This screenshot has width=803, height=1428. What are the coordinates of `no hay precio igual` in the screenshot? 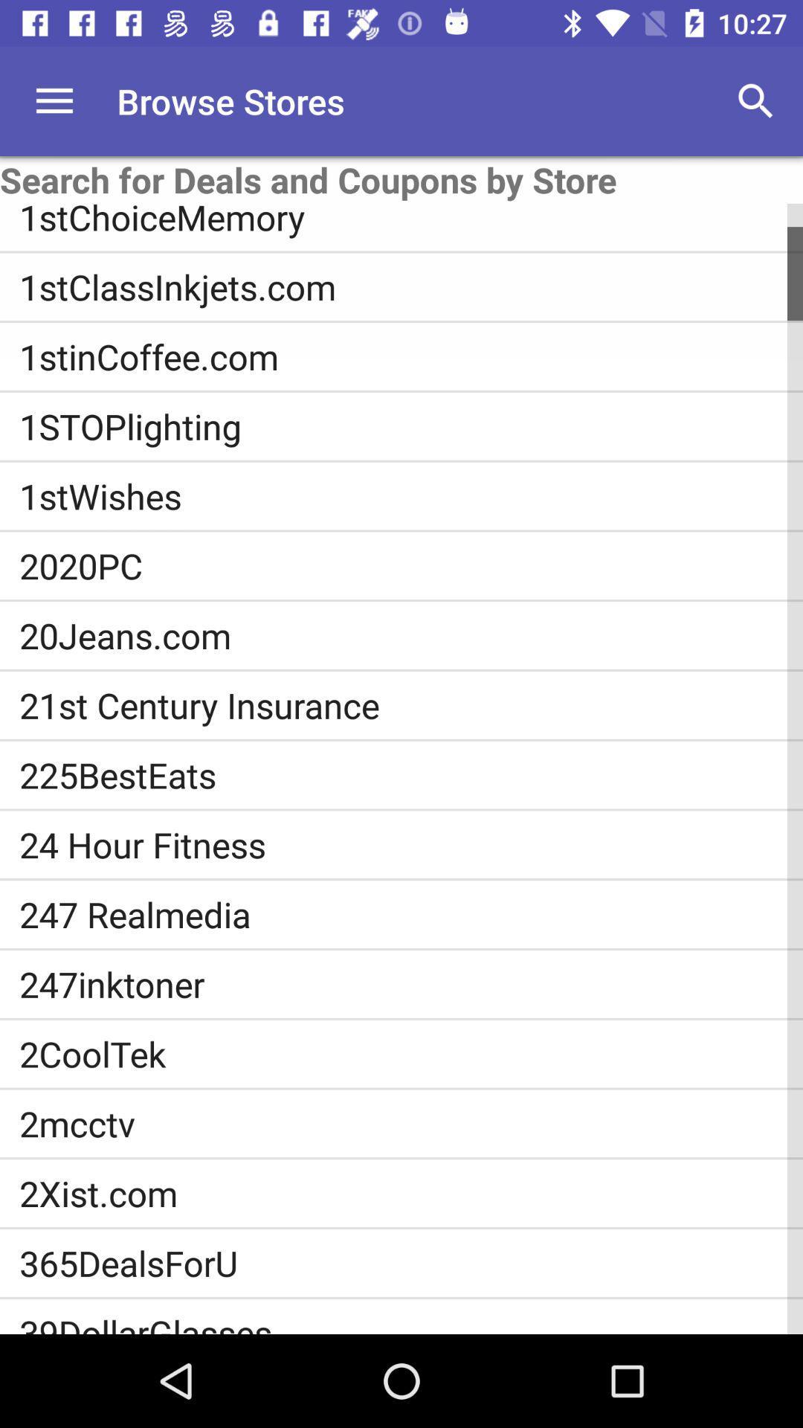 It's located at (54, 100).